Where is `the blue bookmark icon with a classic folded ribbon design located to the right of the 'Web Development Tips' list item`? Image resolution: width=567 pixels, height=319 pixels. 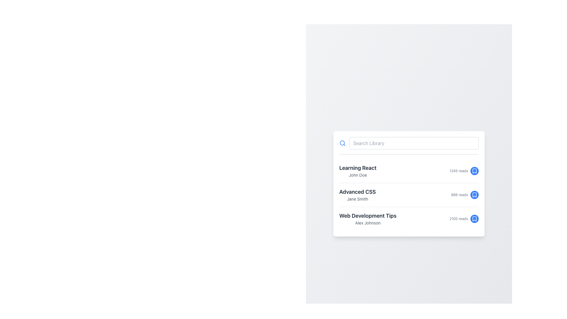 the blue bookmark icon with a classic folded ribbon design located to the right of the 'Web Development Tips' list item is located at coordinates (475, 219).